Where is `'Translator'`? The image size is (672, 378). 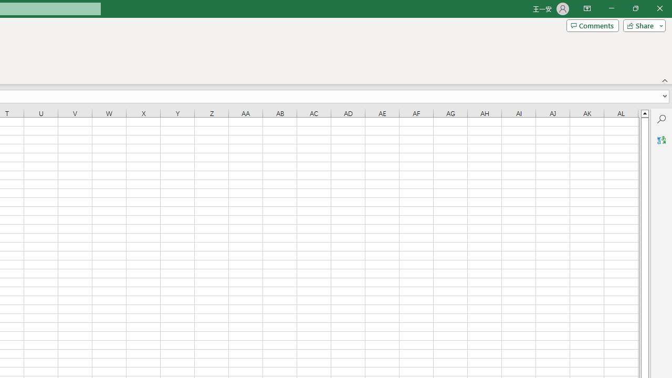
'Translator' is located at coordinates (661, 140).